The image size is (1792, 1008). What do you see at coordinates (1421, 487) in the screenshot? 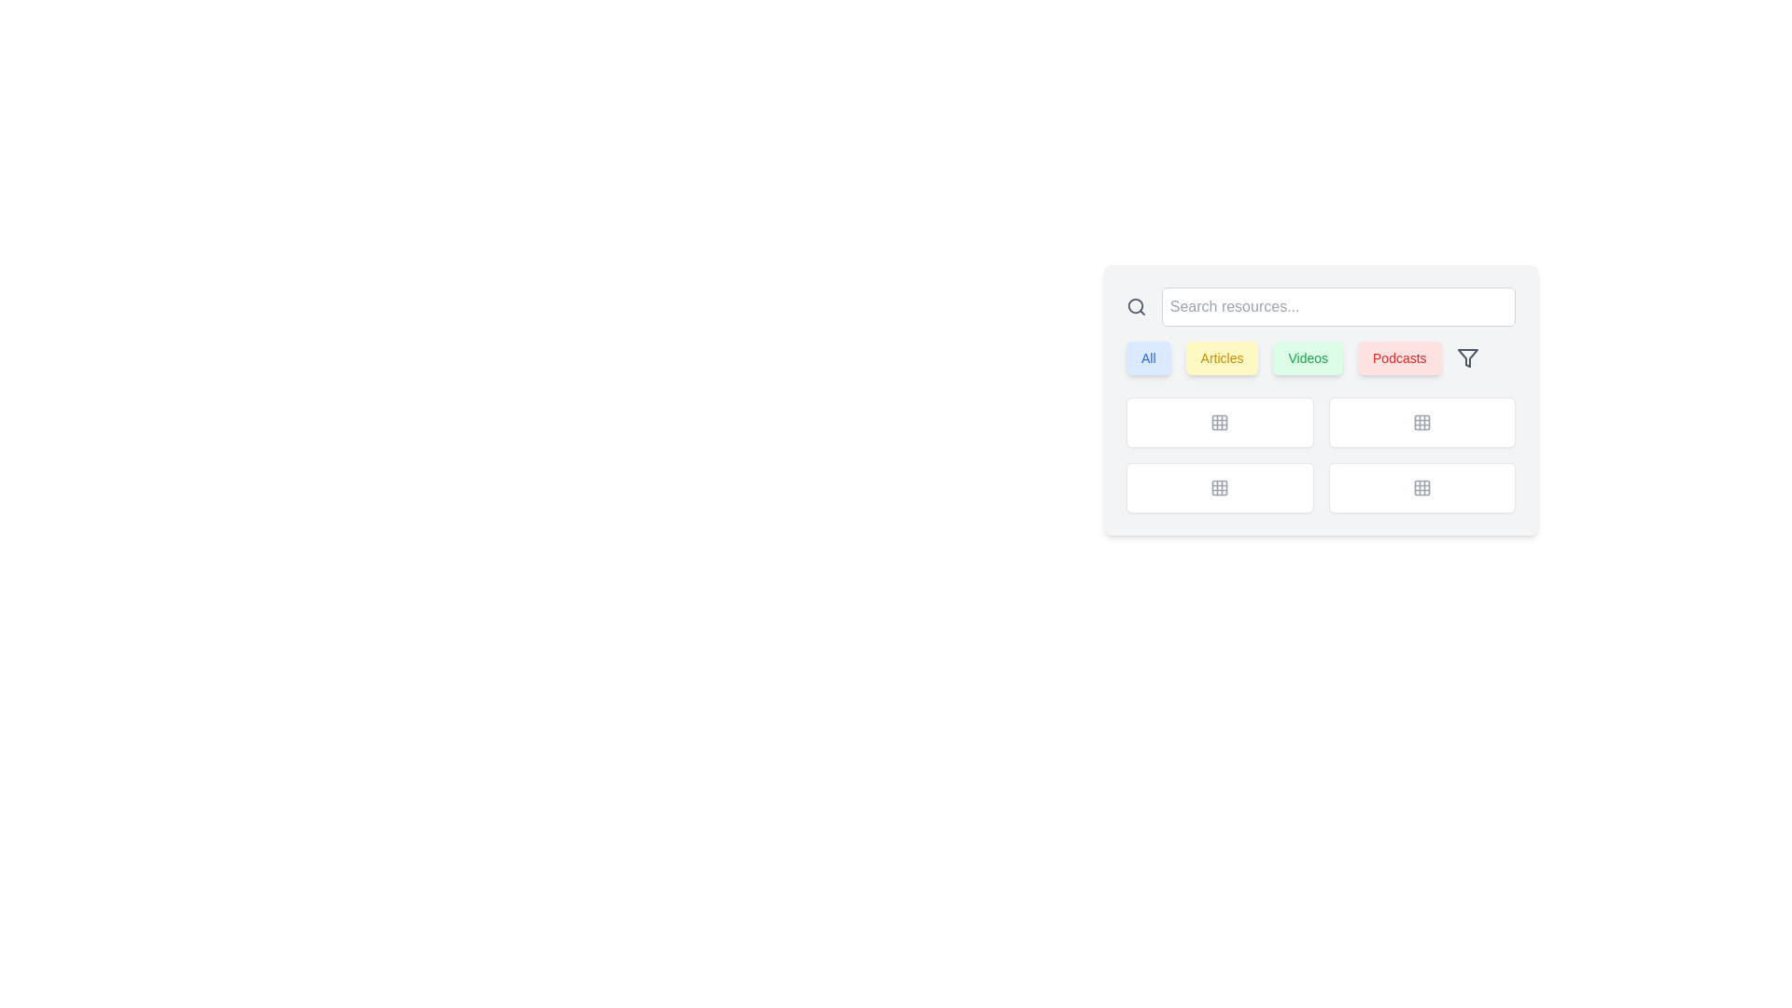
I see `the SVG icon depicting a 3x3 grid structure located` at bounding box center [1421, 487].